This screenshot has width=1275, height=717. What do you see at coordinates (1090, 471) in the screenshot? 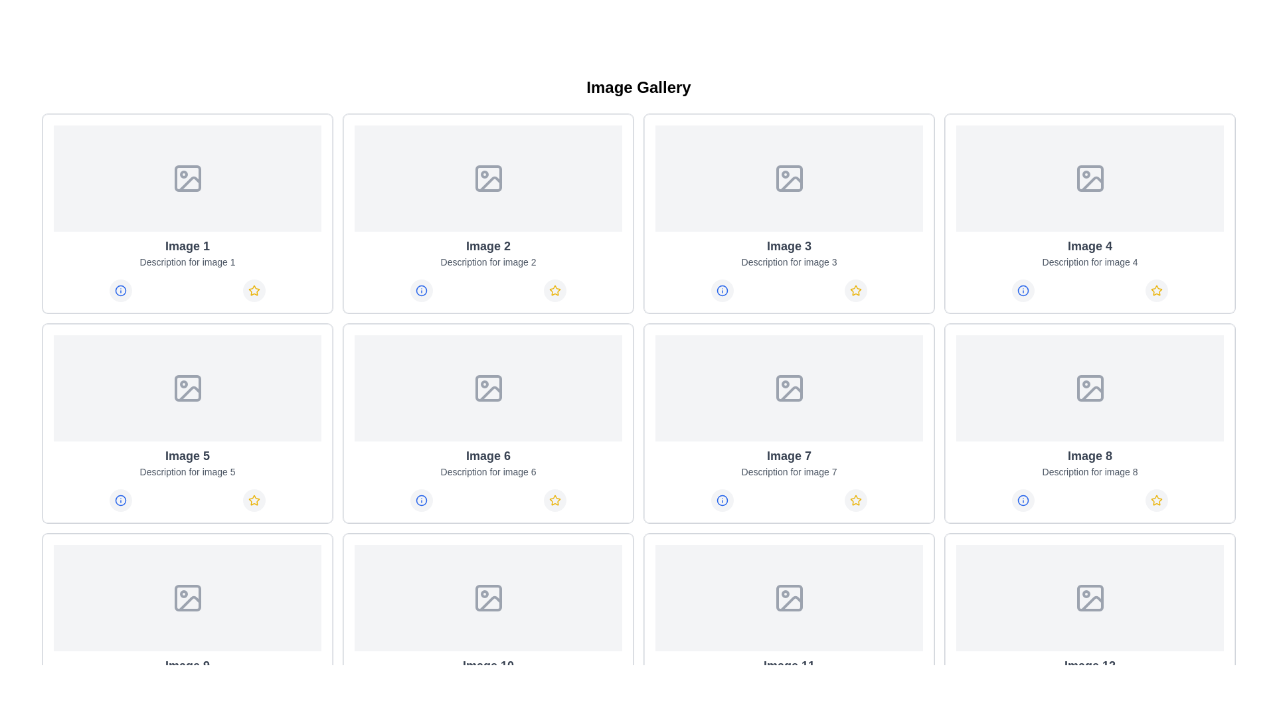
I see `the Text label that provides a descriptive caption for the associated image, located below the title 'Image 8' in a rectangular card in the bottom-right corner of the interface` at bounding box center [1090, 471].